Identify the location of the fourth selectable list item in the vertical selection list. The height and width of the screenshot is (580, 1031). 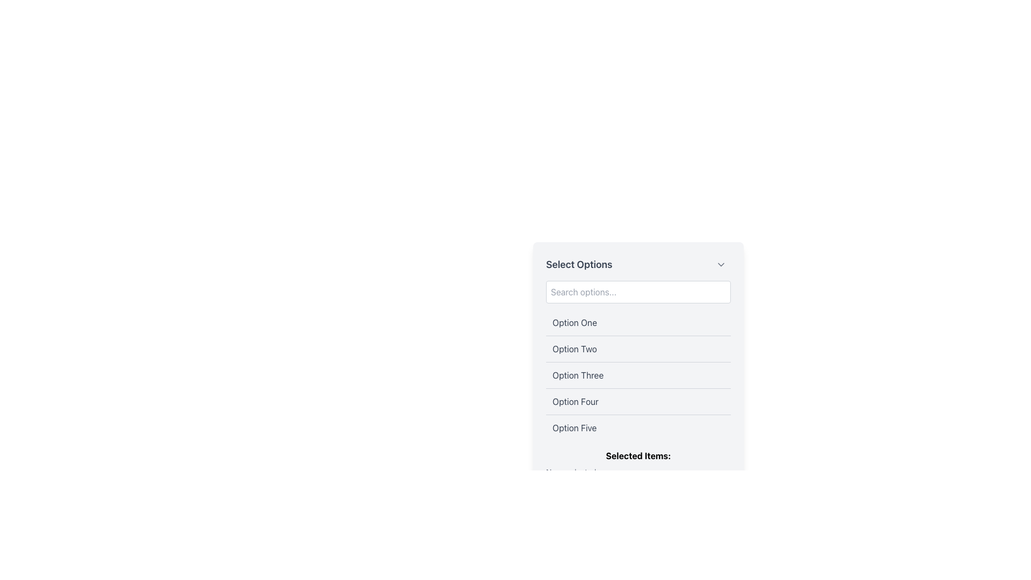
(638, 401).